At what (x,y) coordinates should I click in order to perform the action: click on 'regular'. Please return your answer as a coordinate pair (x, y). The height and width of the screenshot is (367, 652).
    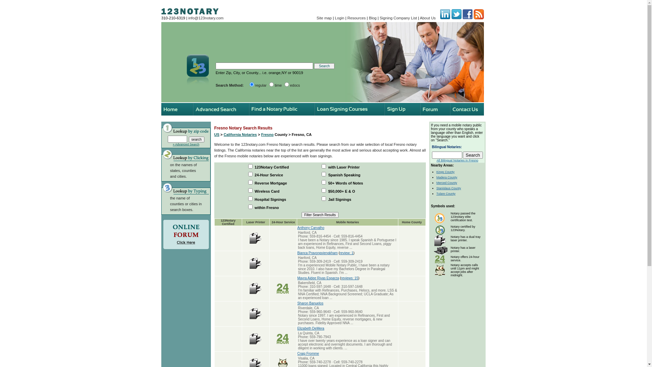
    Looking at the image, I should click on (249, 84).